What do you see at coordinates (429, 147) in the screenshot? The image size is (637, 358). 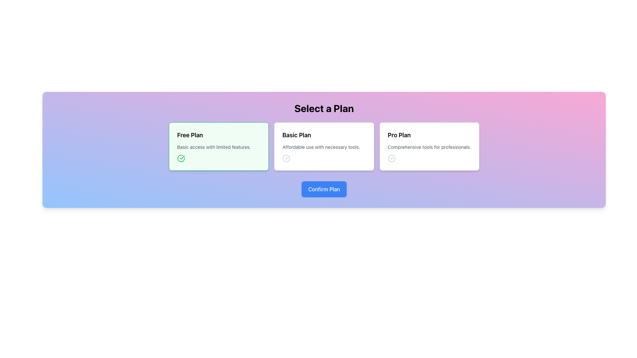 I see `the text label providing information about the 'Pro Plan' option, located below the title 'Pro Plan' and above a gray circular icon within the card` at bounding box center [429, 147].